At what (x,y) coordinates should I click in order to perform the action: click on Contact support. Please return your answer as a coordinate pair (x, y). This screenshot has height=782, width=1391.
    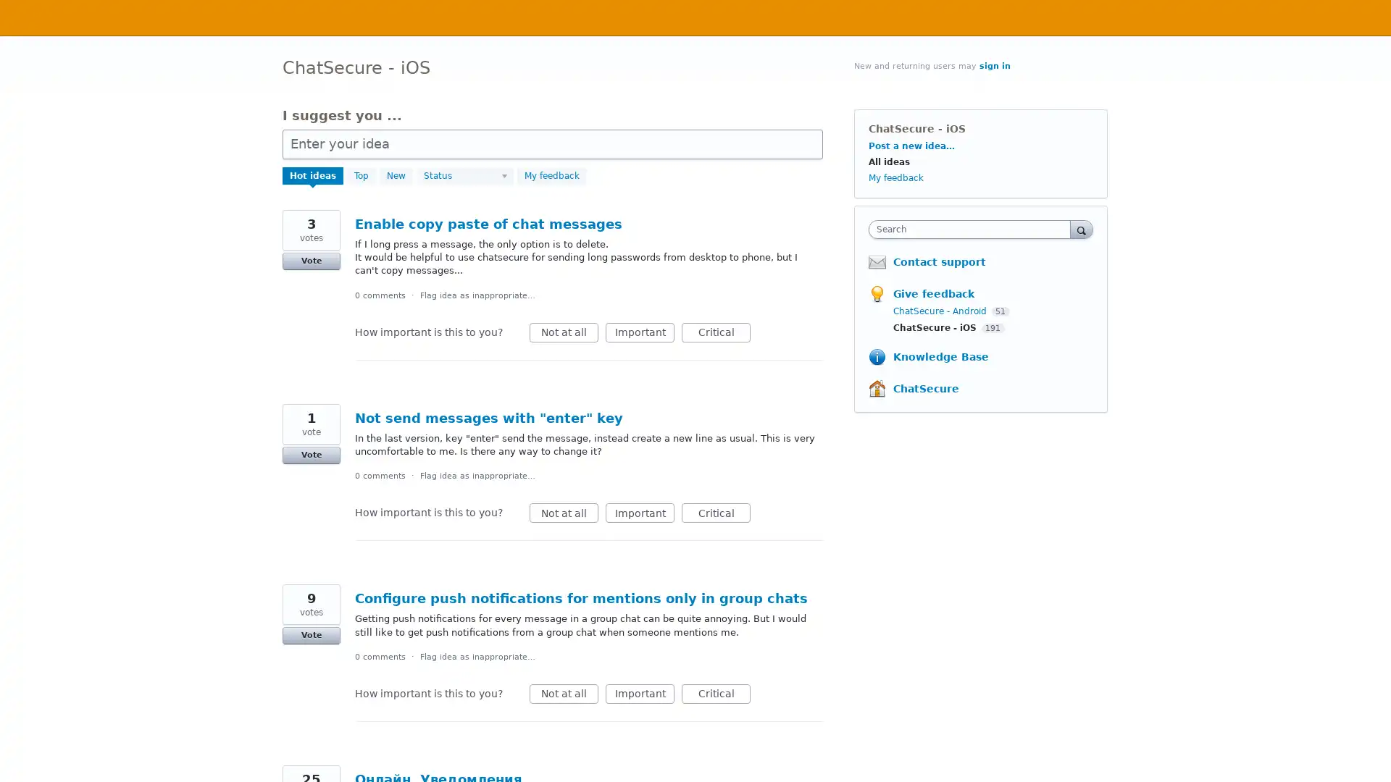
    Looking at the image, I should click on (939, 262).